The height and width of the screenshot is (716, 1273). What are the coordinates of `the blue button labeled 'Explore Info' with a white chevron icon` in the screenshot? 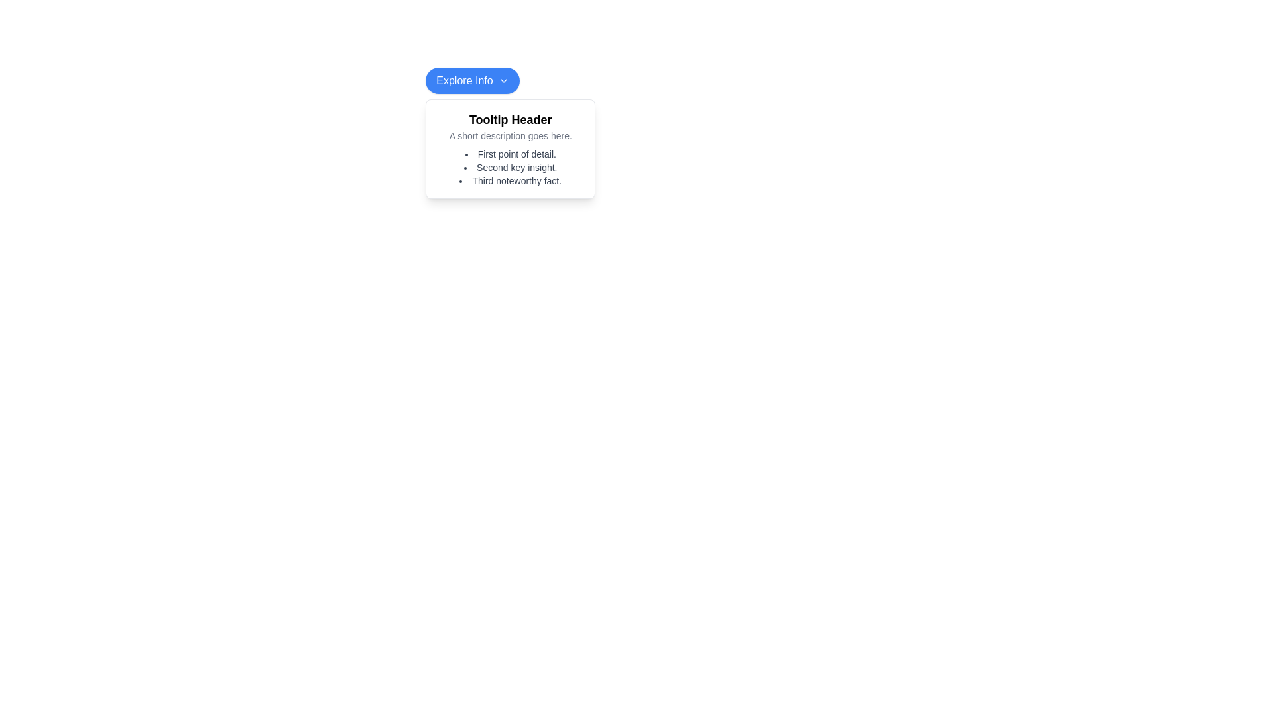 It's located at (472, 81).